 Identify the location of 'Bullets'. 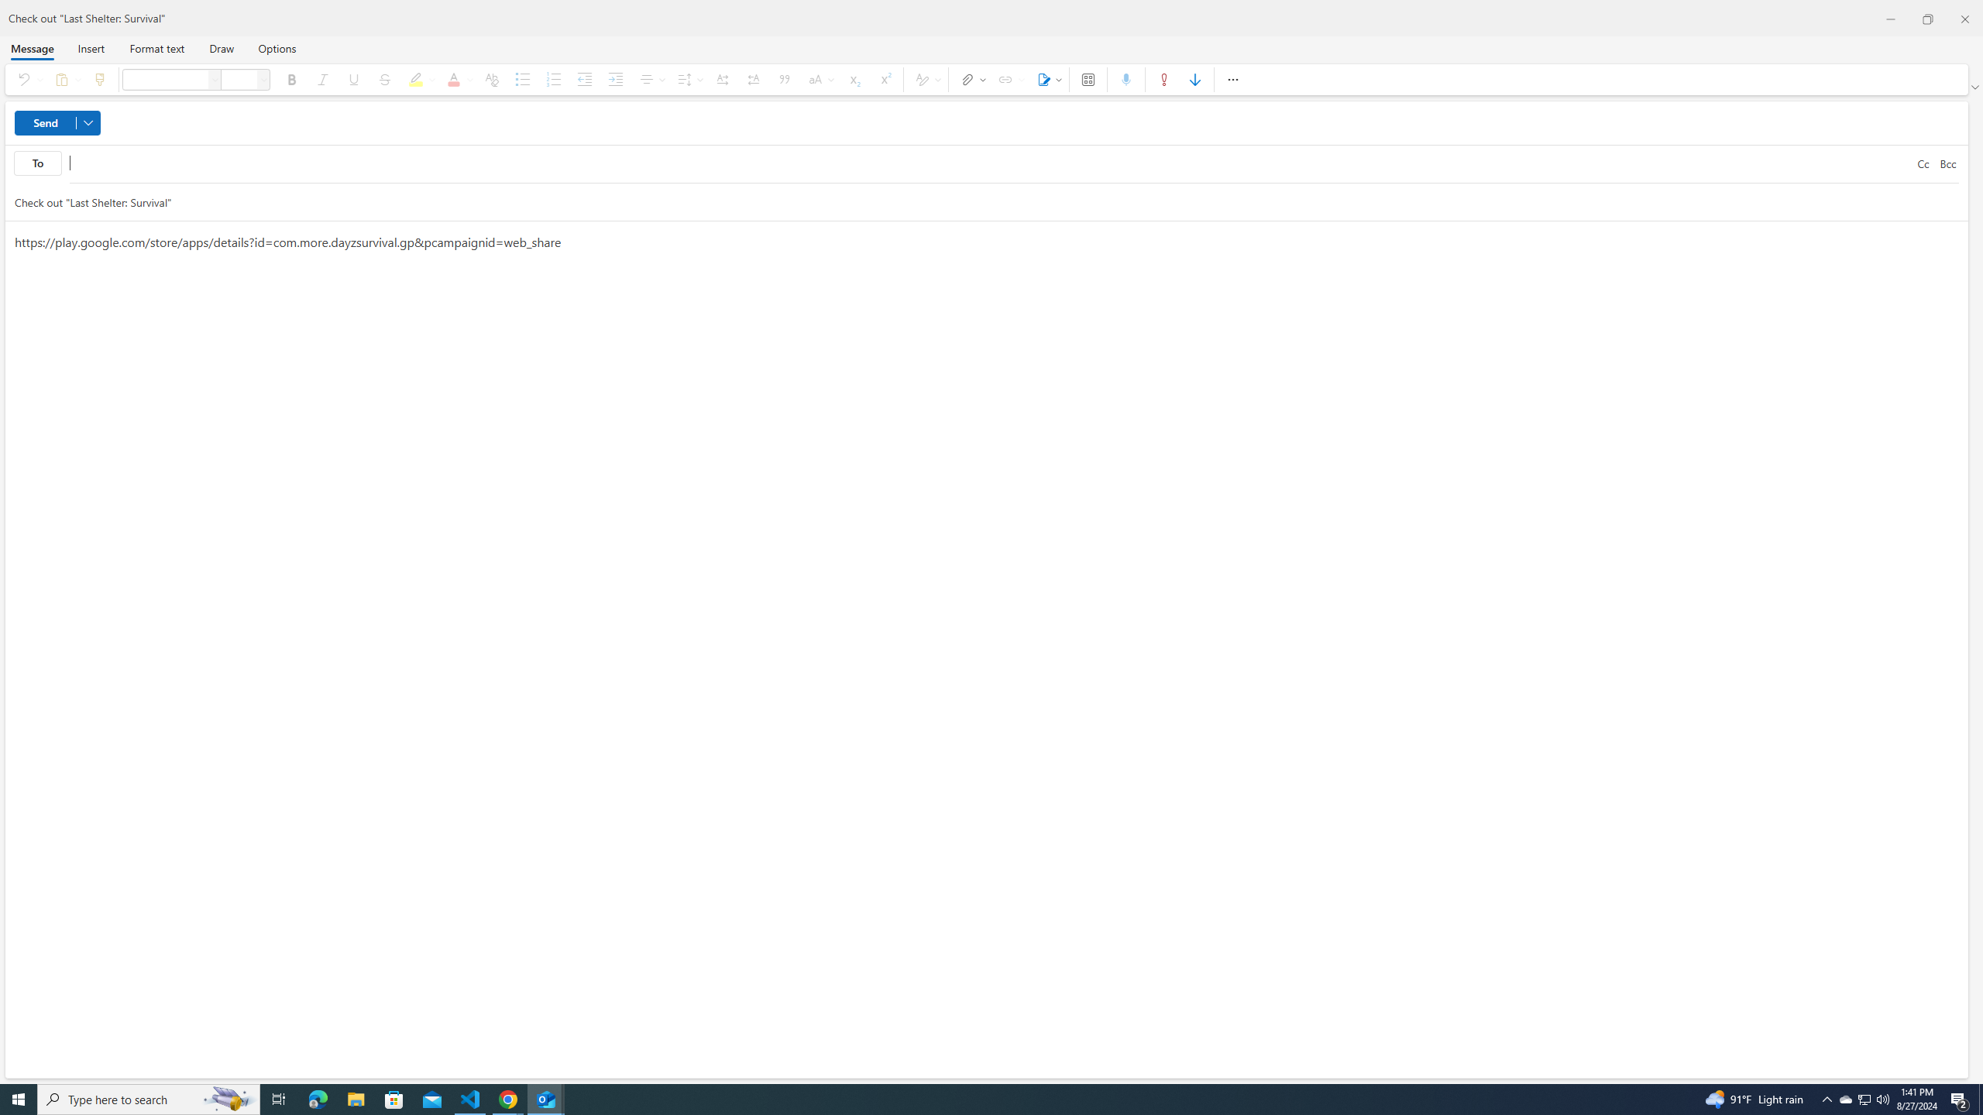
(521, 79).